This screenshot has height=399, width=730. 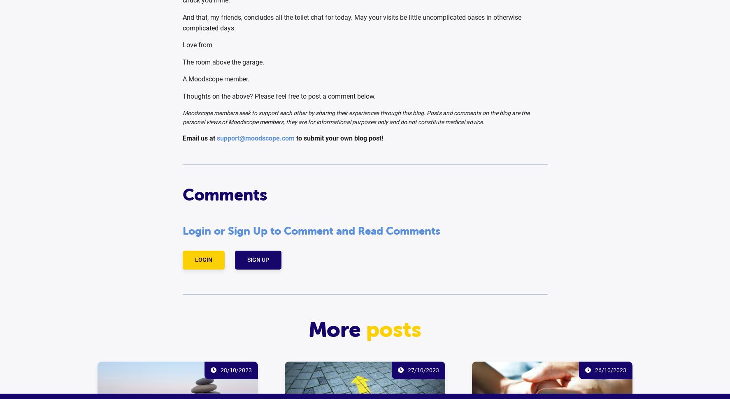 I want to click on 'And that, my friends, concludes all the toilet chat for today. May your visits be little uncomplicated oases in otherwise complicated days.', so click(x=181, y=22).